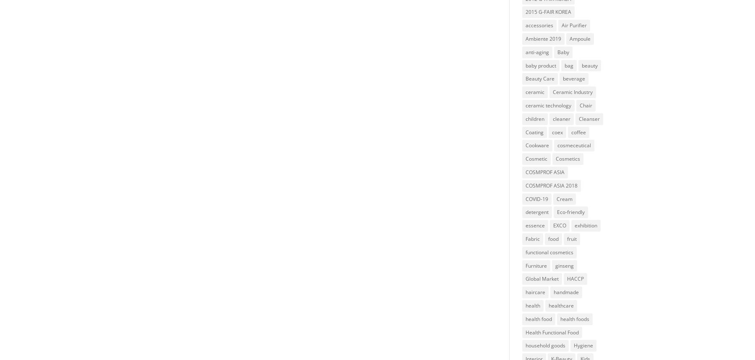  Describe the element at coordinates (582, 345) in the screenshot. I see `'Hygiene'` at that location.